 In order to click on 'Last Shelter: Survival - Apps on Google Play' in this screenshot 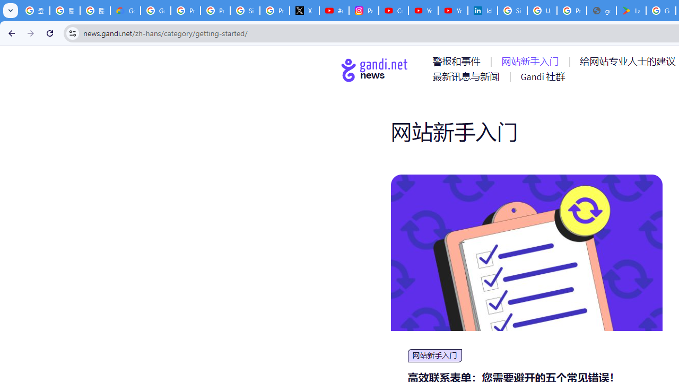, I will do `click(631, 11)`.